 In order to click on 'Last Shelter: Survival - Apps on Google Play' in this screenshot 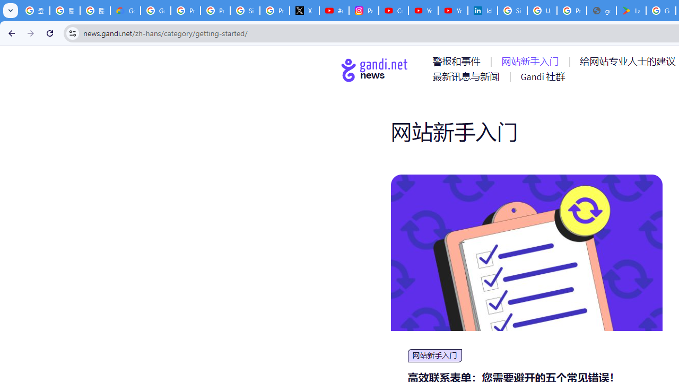, I will do `click(631, 11)`.